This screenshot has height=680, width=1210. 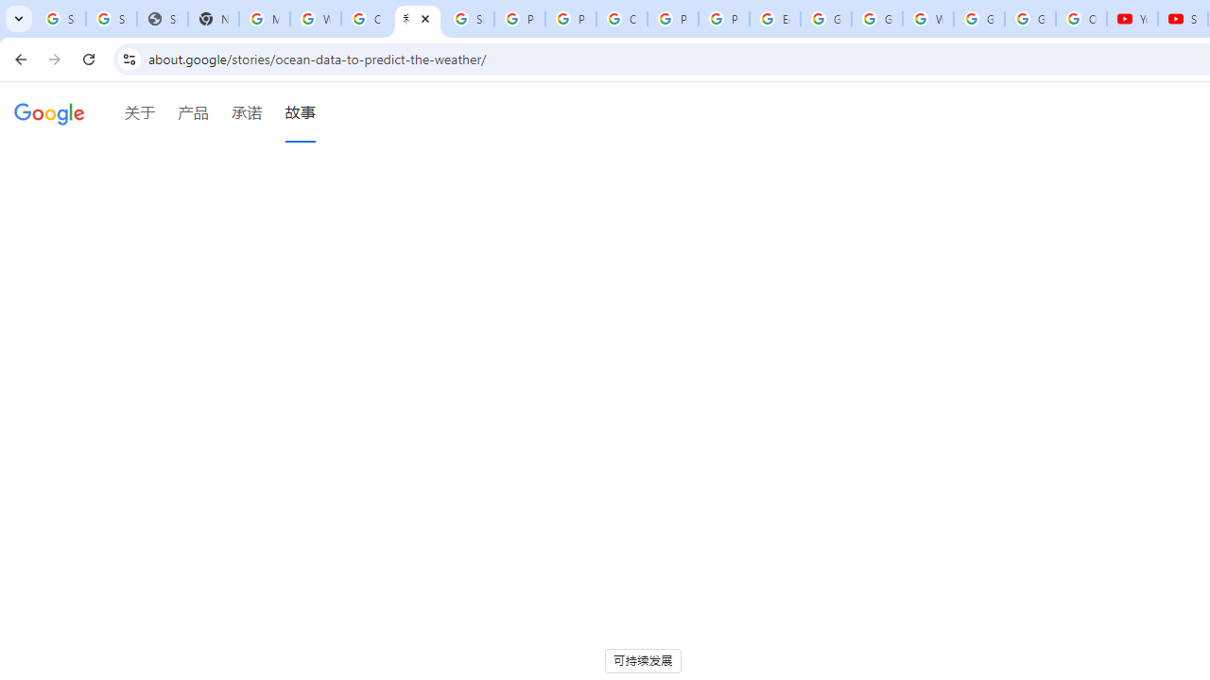 What do you see at coordinates (213, 19) in the screenshot?
I see `'New Tab'` at bounding box center [213, 19].